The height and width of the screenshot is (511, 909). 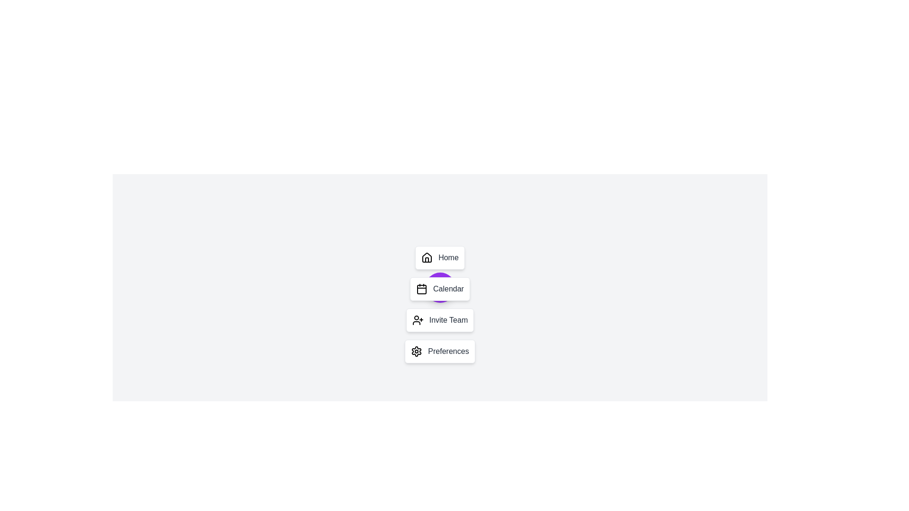 I want to click on the calendar icon located in the vertical navigation section, so click(x=421, y=289).